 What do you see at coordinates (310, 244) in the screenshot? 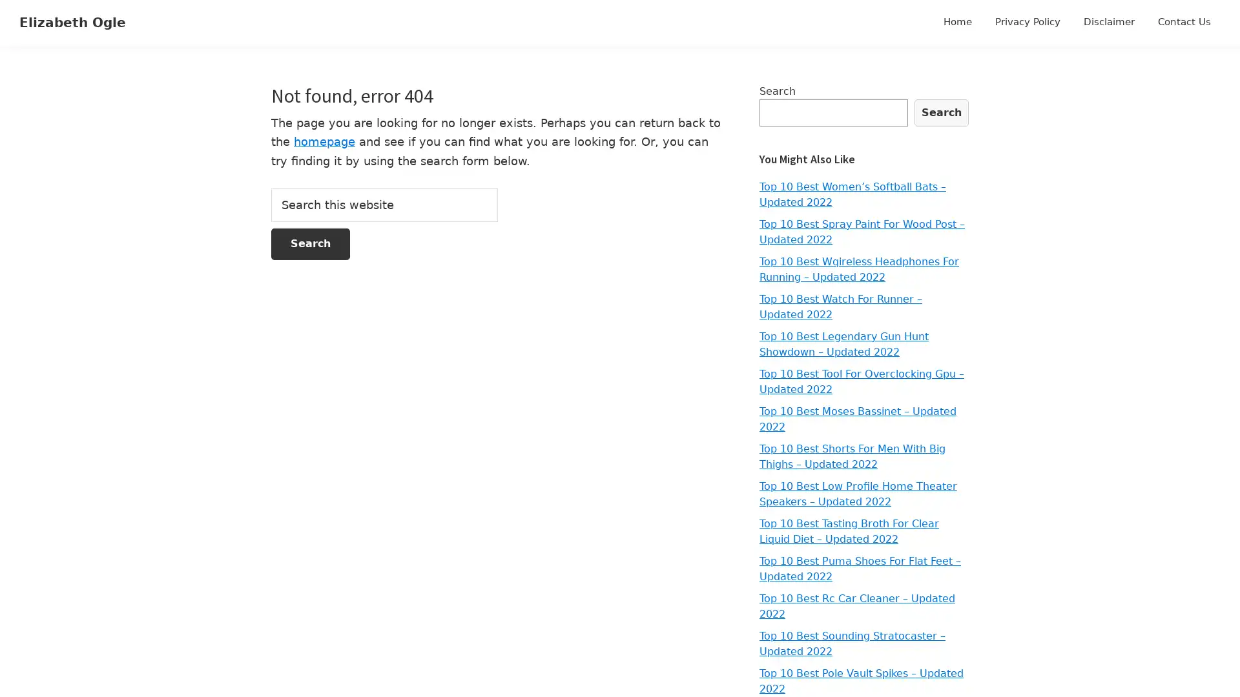
I see `Search` at bounding box center [310, 244].